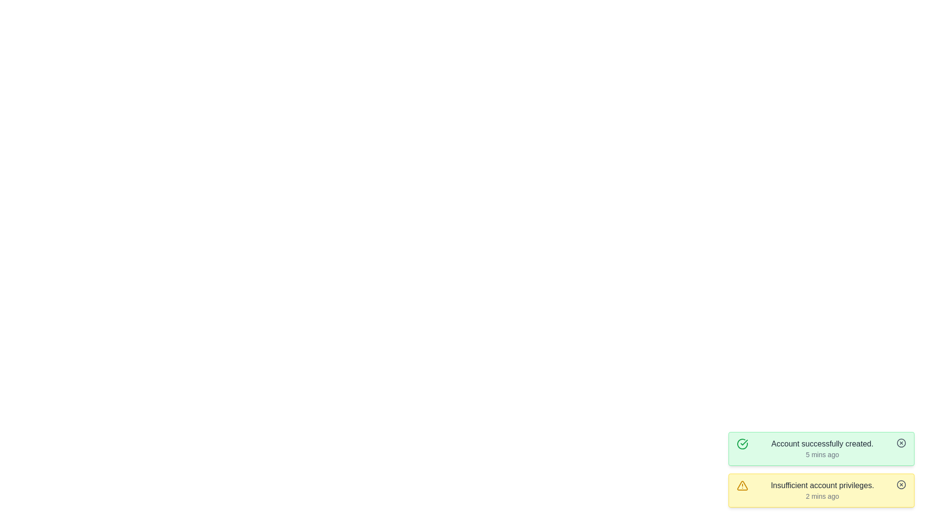  What do you see at coordinates (821, 491) in the screenshot?
I see `details of the notification box displaying 'Insufficient account privileges.' with a yellow background and a close button on the right` at bounding box center [821, 491].